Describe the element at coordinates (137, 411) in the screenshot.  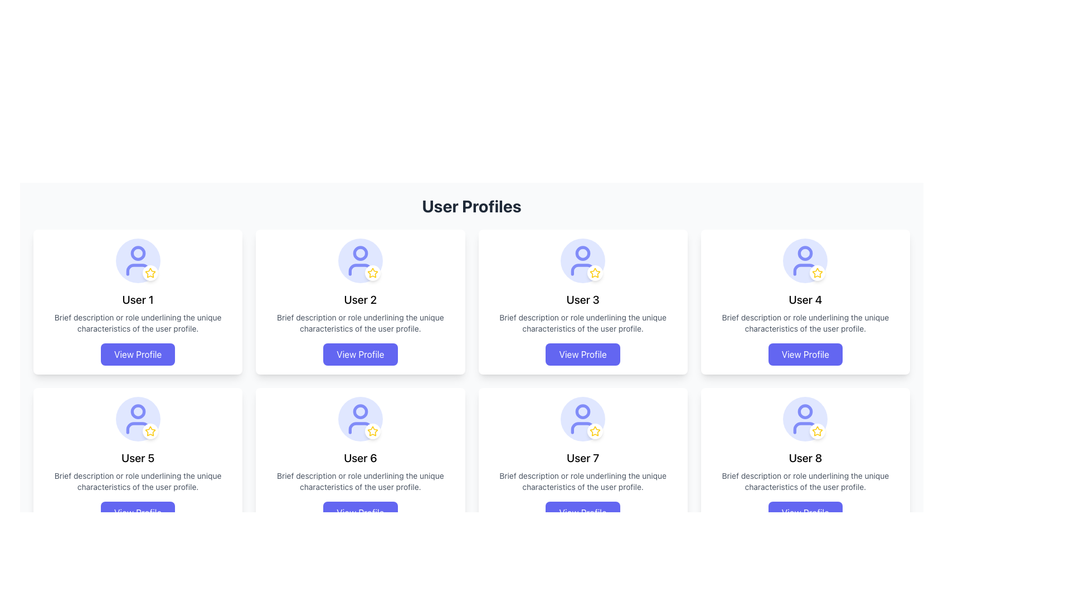
I see `the SVG circle element that represents the user's profile icon above the text 'User 5'` at that location.